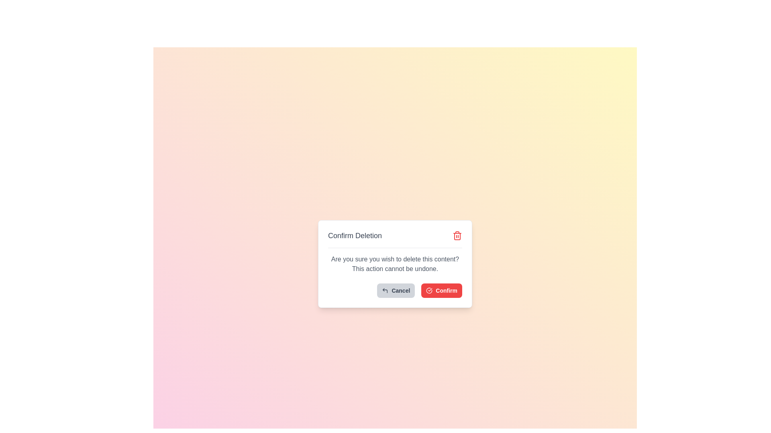 The height and width of the screenshot is (433, 771). Describe the element at coordinates (441, 290) in the screenshot. I see `the confirm button located at the bottom right of the pop-up dialogue box, which is the second button to the right of the gray 'Cancel' button, to confirm the action` at that location.